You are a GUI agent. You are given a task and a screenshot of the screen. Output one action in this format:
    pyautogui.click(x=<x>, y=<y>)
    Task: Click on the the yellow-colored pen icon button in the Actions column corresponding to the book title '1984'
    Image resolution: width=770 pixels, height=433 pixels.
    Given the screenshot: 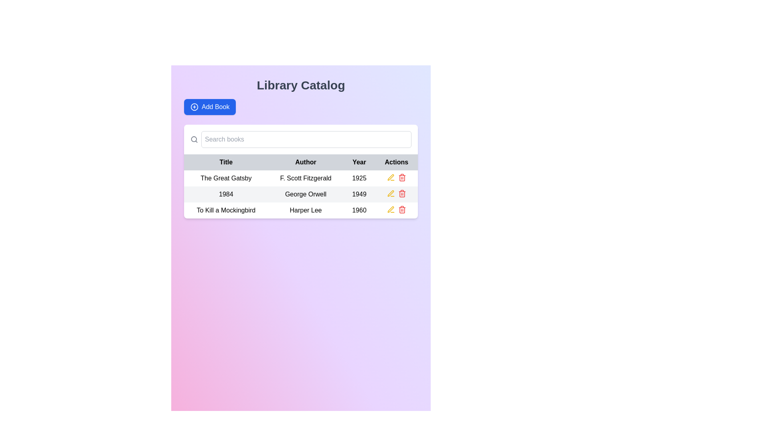 What is the action you would take?
    pyautogui.click(x=391, y=177)
    